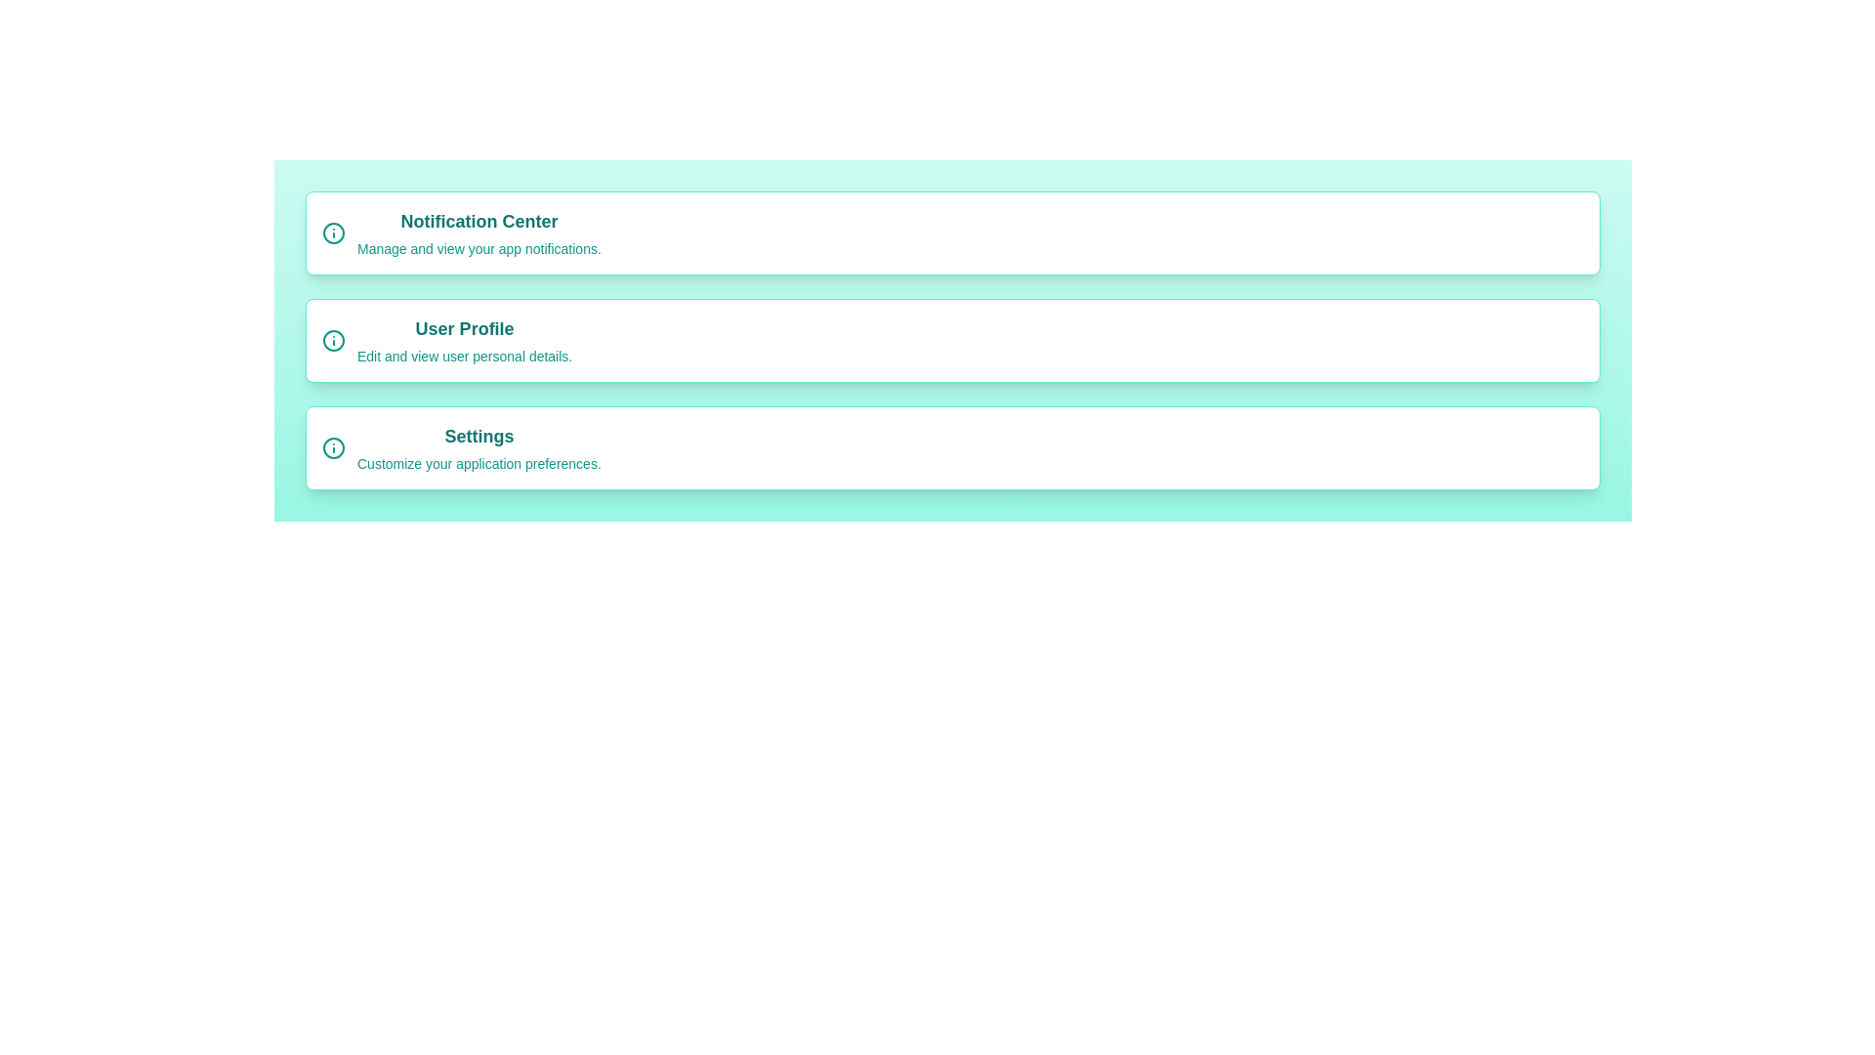 Image resolution: width=1875 pixels, height=1055 pixels. What do you see at coordinates (333, 232) in the screenshot?
I see `SVG circle element located to the left of the 'Notification Center' text label, which is part of the informational icon in the uppermost row of the three-card interface layout` at bounding box center [333, 232].